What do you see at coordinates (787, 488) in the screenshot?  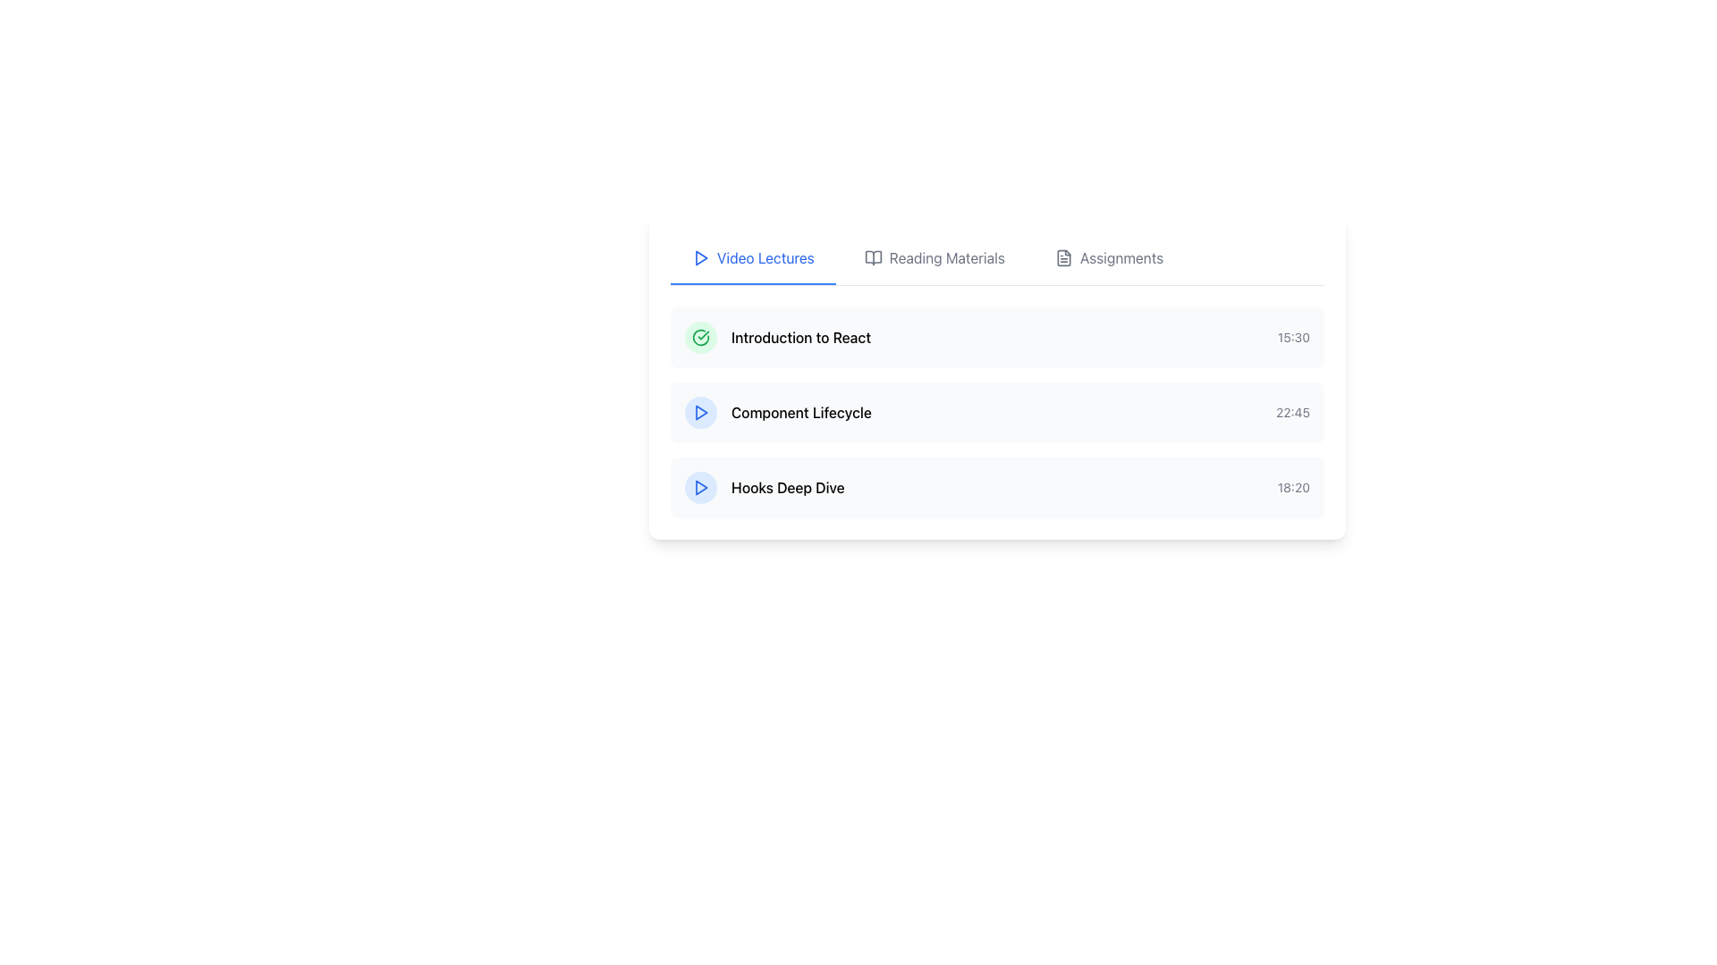 I see `text label displaying 'Hooks Deep Dive', which is styled with a medium font weight and positioned to the left of the play button in the third row of the video lecture section` at bounding box center [787, 488].